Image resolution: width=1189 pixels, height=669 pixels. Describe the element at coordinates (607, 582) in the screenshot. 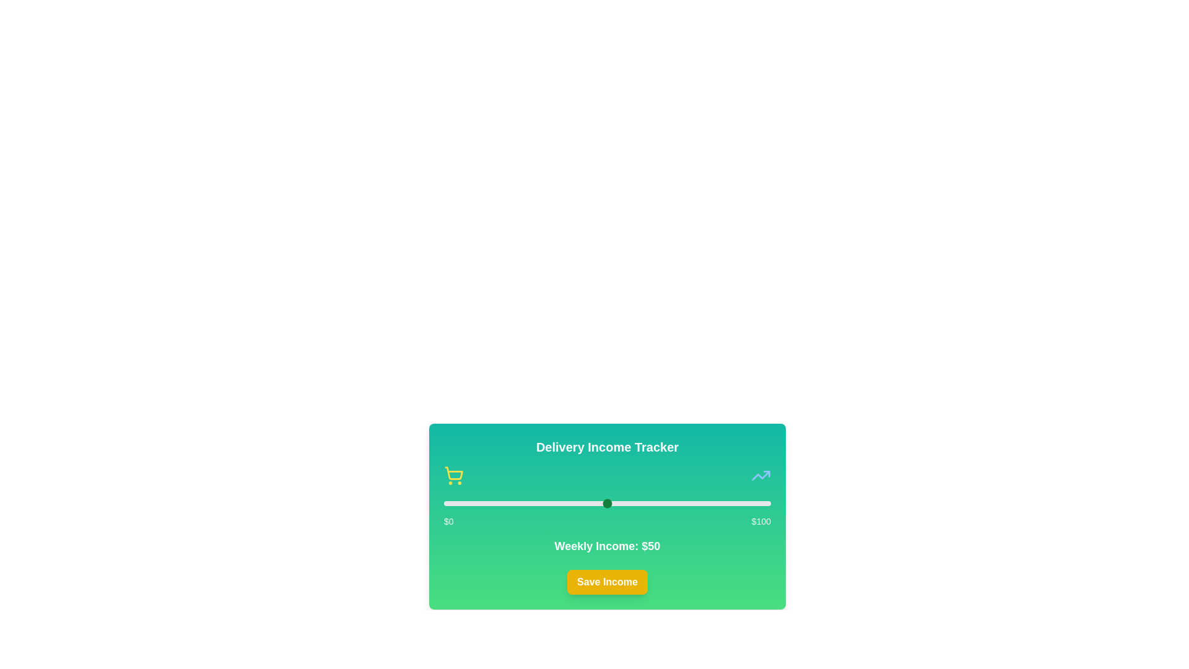

I see `the 'Save Income' button to save the current income value` at that location.